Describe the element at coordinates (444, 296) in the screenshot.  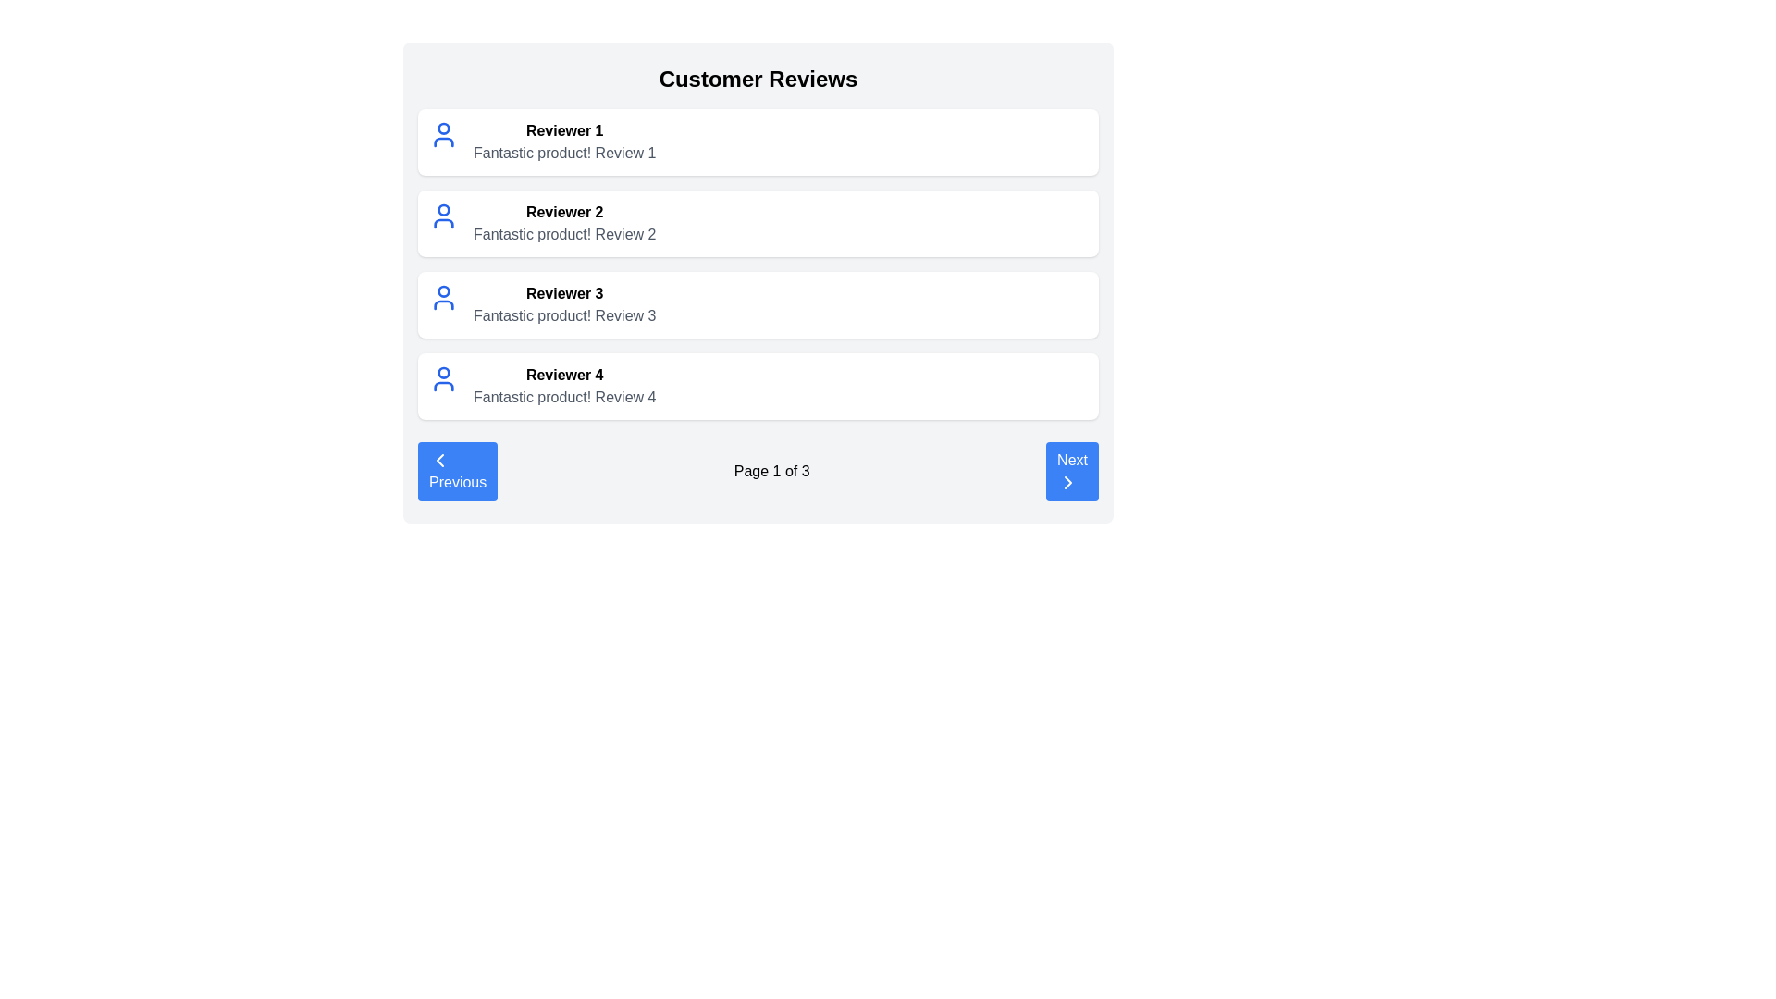
I see `the user icon resembling a person's head and shoulders, styled in blue, located in the review block titled 'Reviewer 3', aligned with the text 'Reviewer 3 Fantastic product! Review 3'` at that location.